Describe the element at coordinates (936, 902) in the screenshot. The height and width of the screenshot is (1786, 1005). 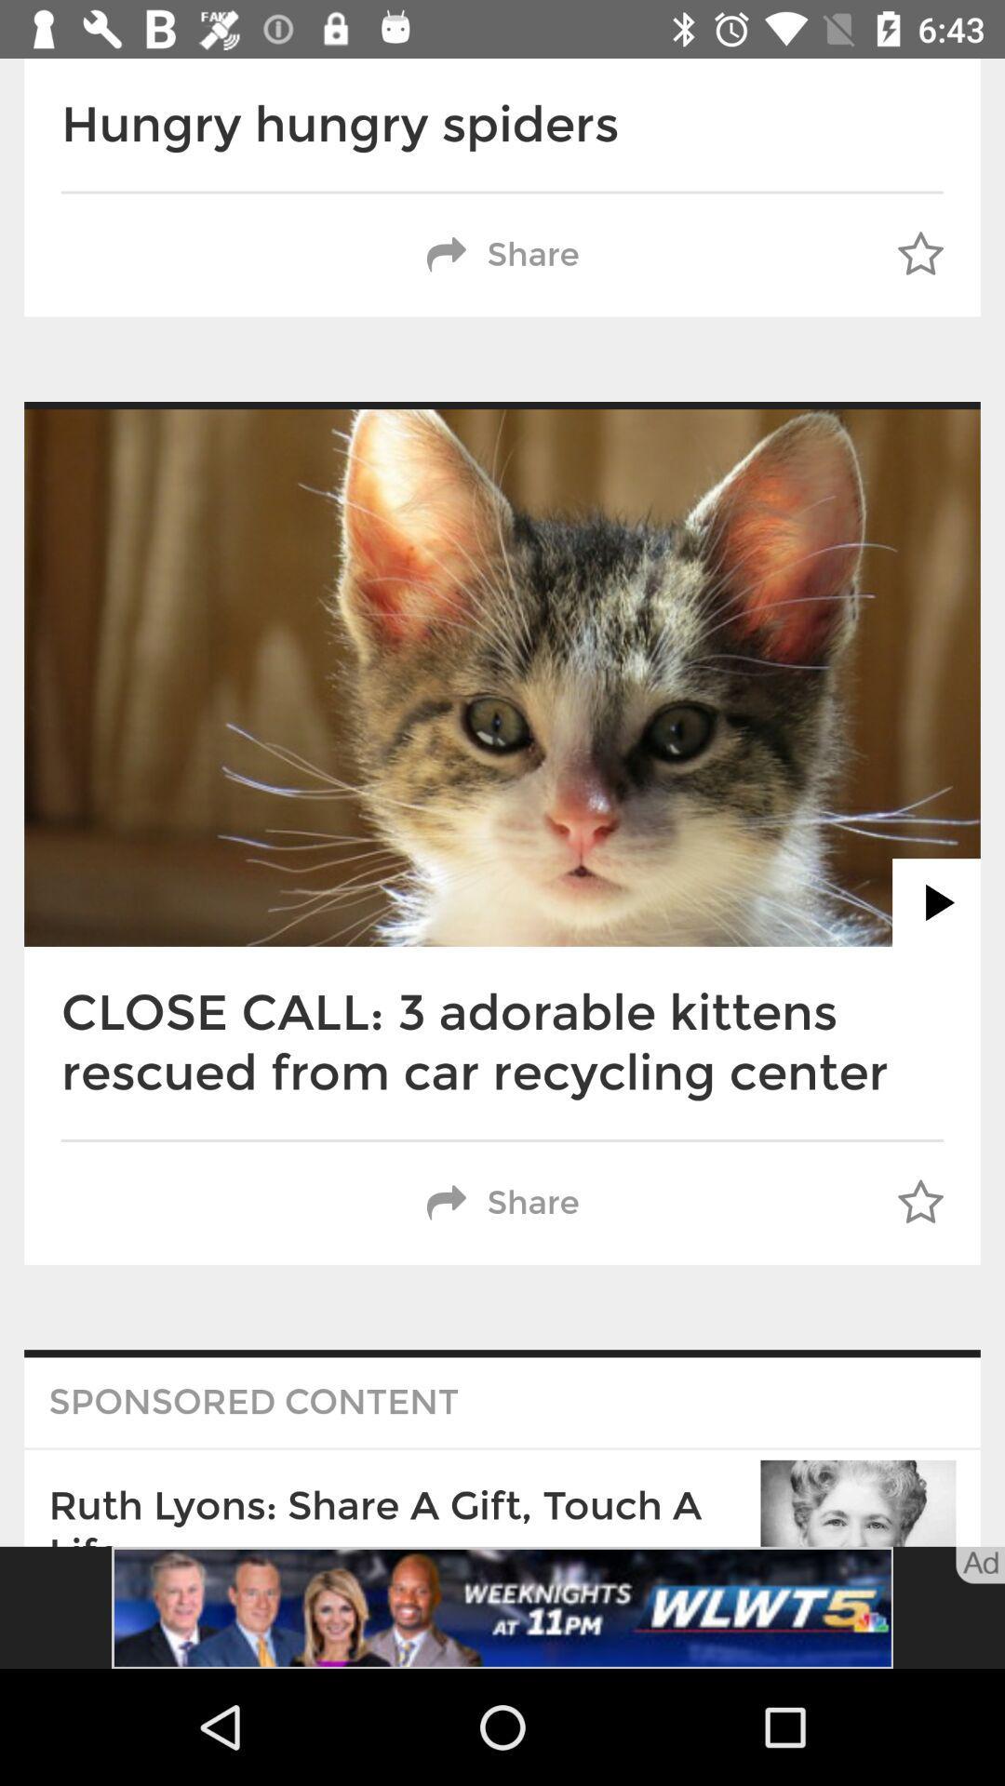
I see `go forward` at that location.